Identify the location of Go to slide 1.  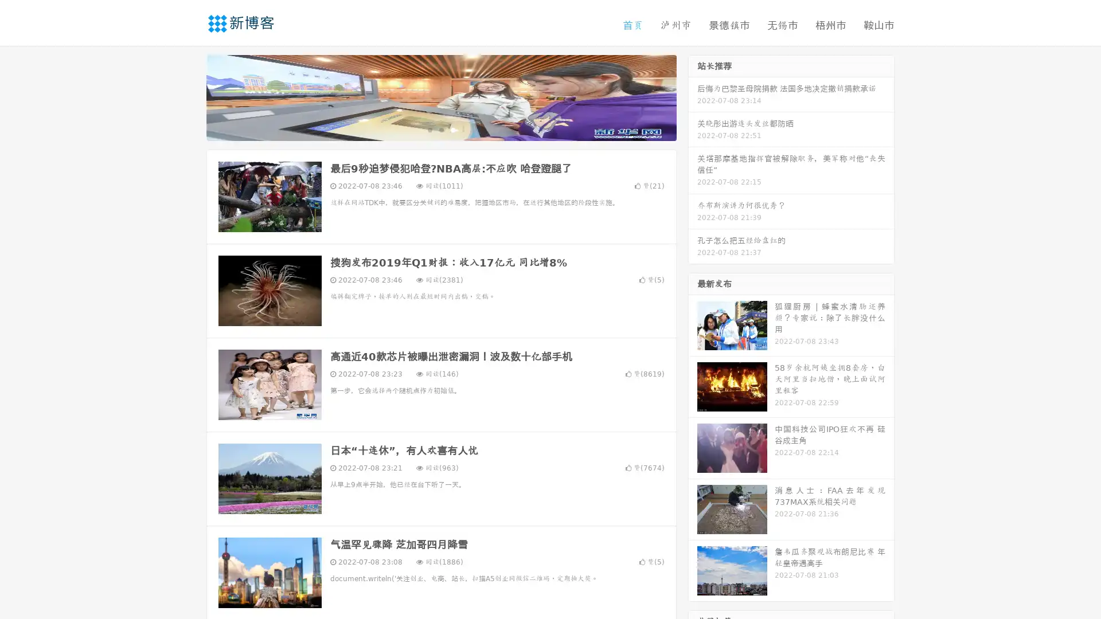
(429, 129).